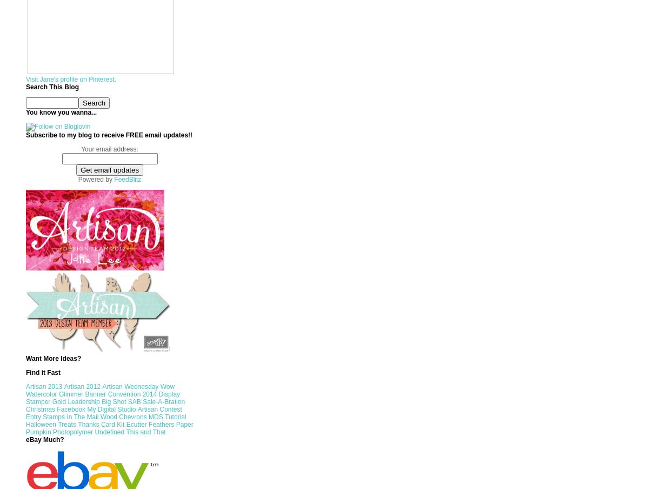  I want to click on 'Facebook', so click(56, 409).